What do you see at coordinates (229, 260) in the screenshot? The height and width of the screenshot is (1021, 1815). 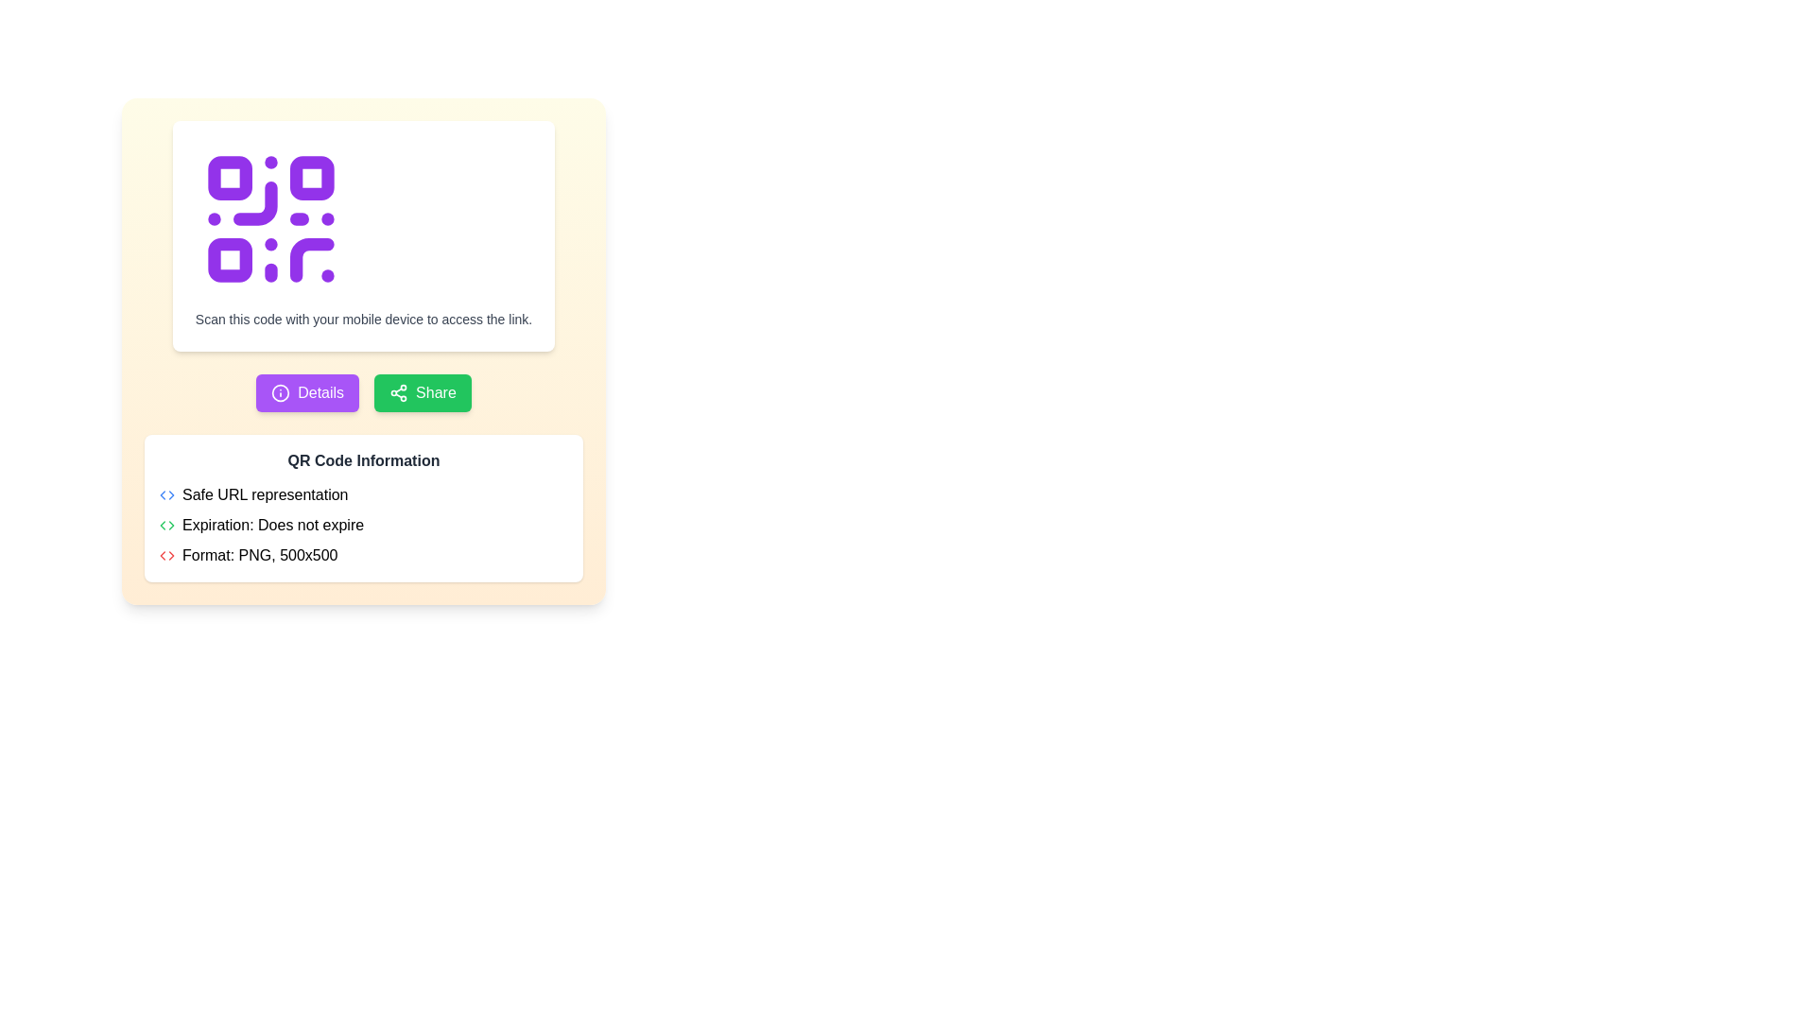 I see `the third rectangle in the bottom-left corner of the QR code graphic, which is part of the QR code's visual data pattern` at bounding box center [229, 260].